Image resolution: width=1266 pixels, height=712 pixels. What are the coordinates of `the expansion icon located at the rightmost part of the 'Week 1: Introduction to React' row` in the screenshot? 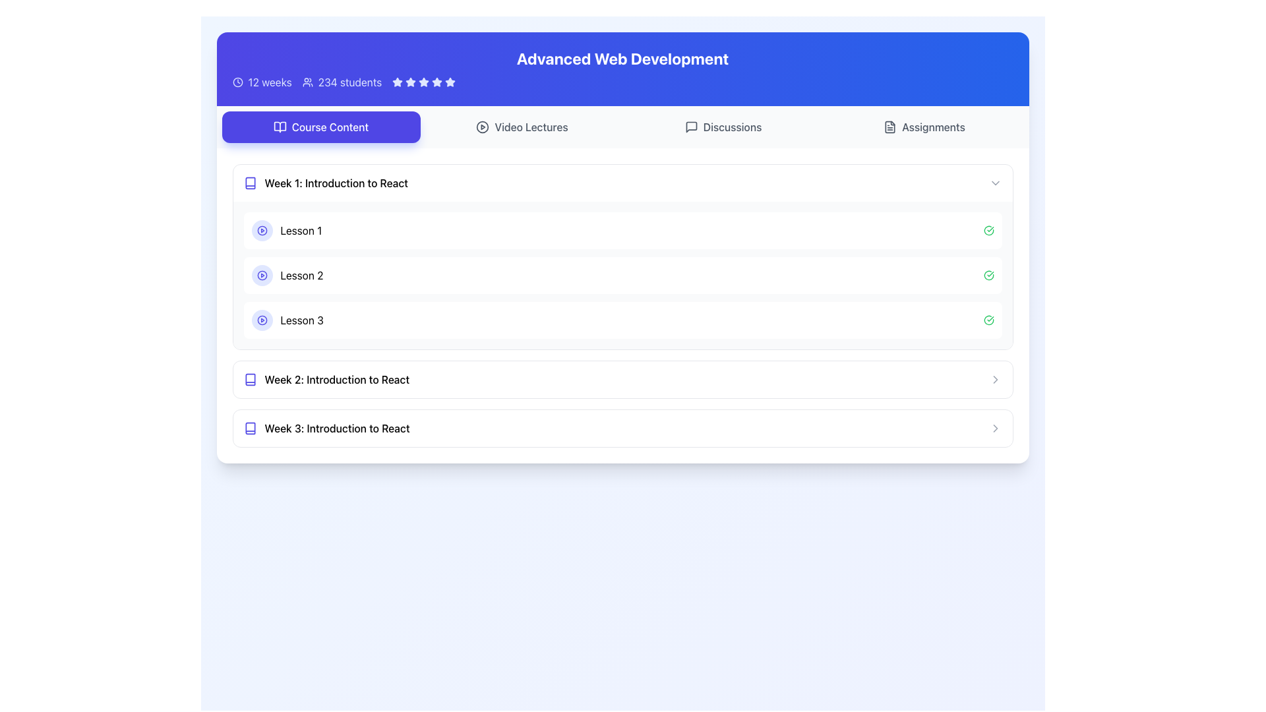 It's located at (995, 183).